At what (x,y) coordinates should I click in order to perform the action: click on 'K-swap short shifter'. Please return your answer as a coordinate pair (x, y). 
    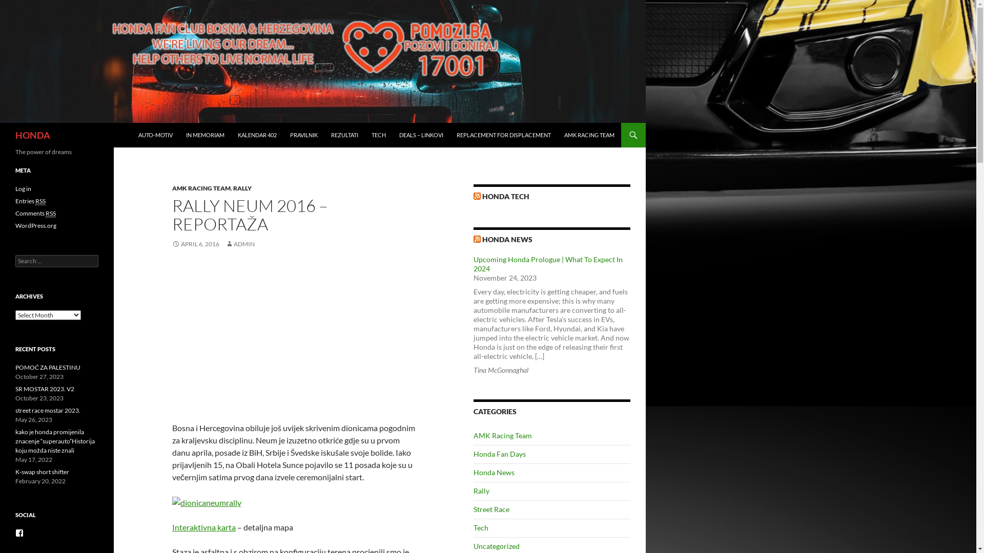
    Looking at the image, I should click on (15, 472).